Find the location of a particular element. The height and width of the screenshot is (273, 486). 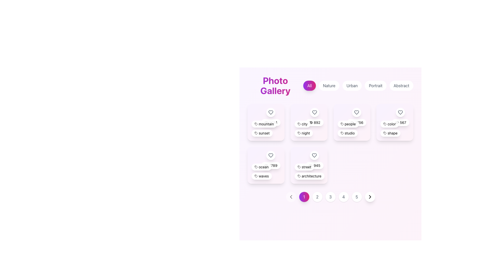

the Icon Button located in the top-right corner of the 'street' and 'architecture' card in the bottom row of the grid-like layout of photo categories is located at coordinates (314, 155).